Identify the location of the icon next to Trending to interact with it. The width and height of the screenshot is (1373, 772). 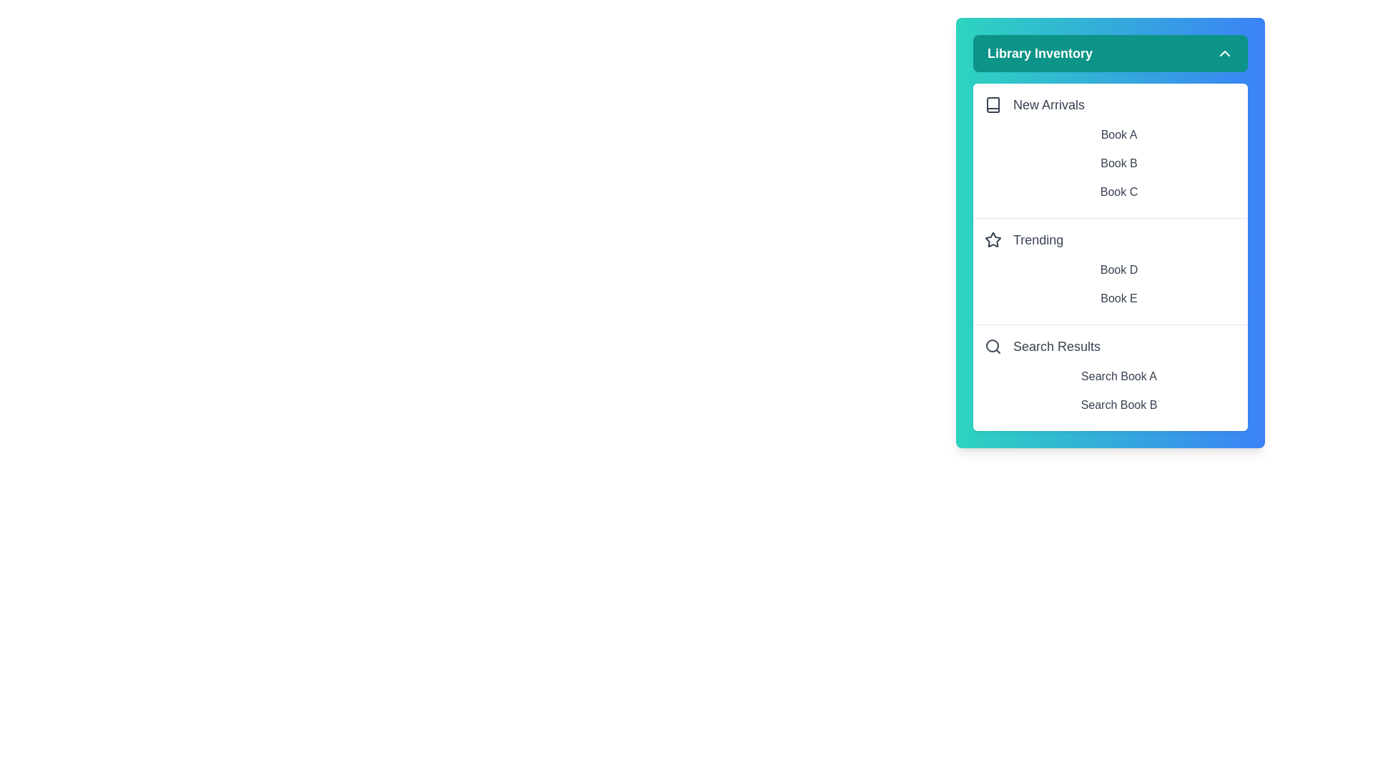
(992, 239).